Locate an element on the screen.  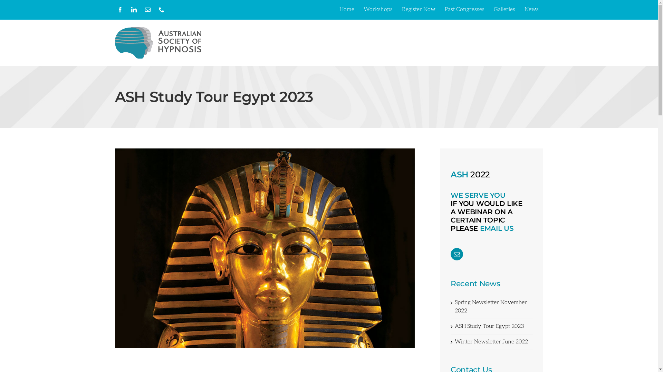
'Home' is located at coordinates (335, 9).